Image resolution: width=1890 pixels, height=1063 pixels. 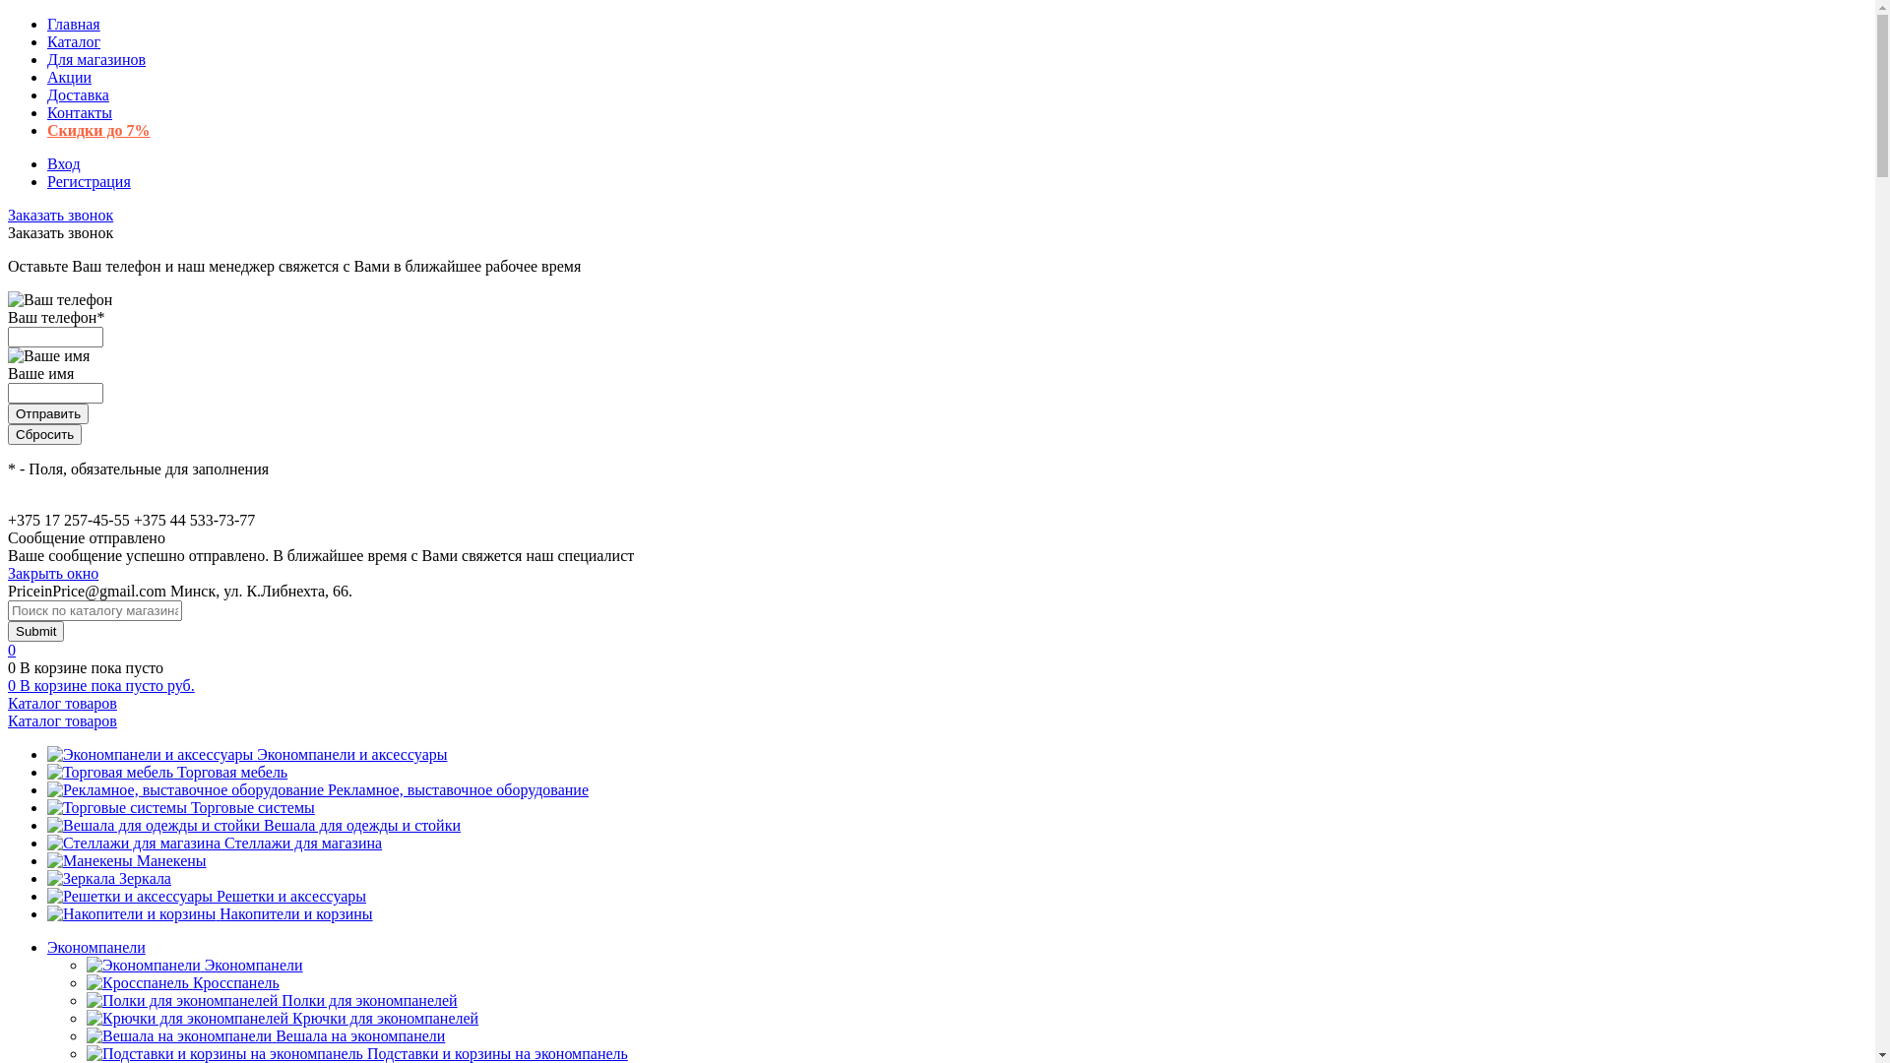 I want to click on '0', so click(x=12, y=650).